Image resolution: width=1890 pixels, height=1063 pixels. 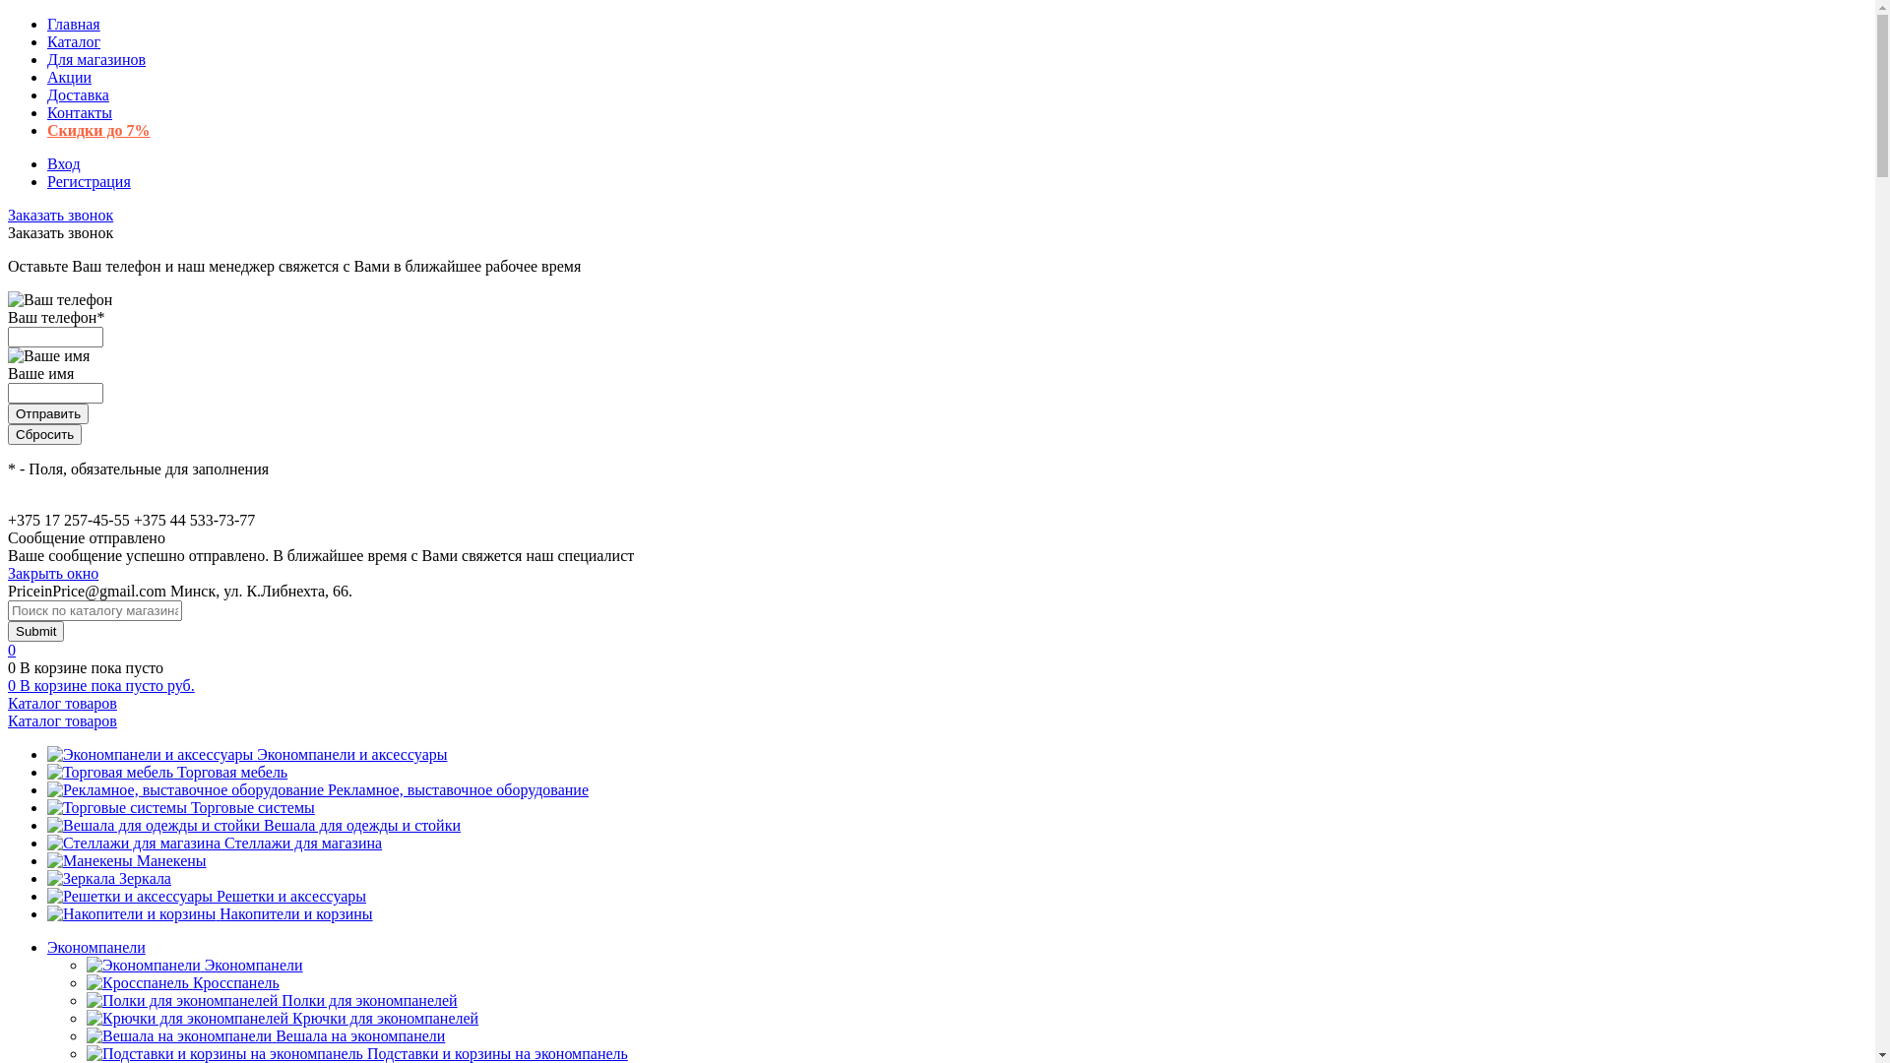 I want to click on '0', so click(x=12, y=650).